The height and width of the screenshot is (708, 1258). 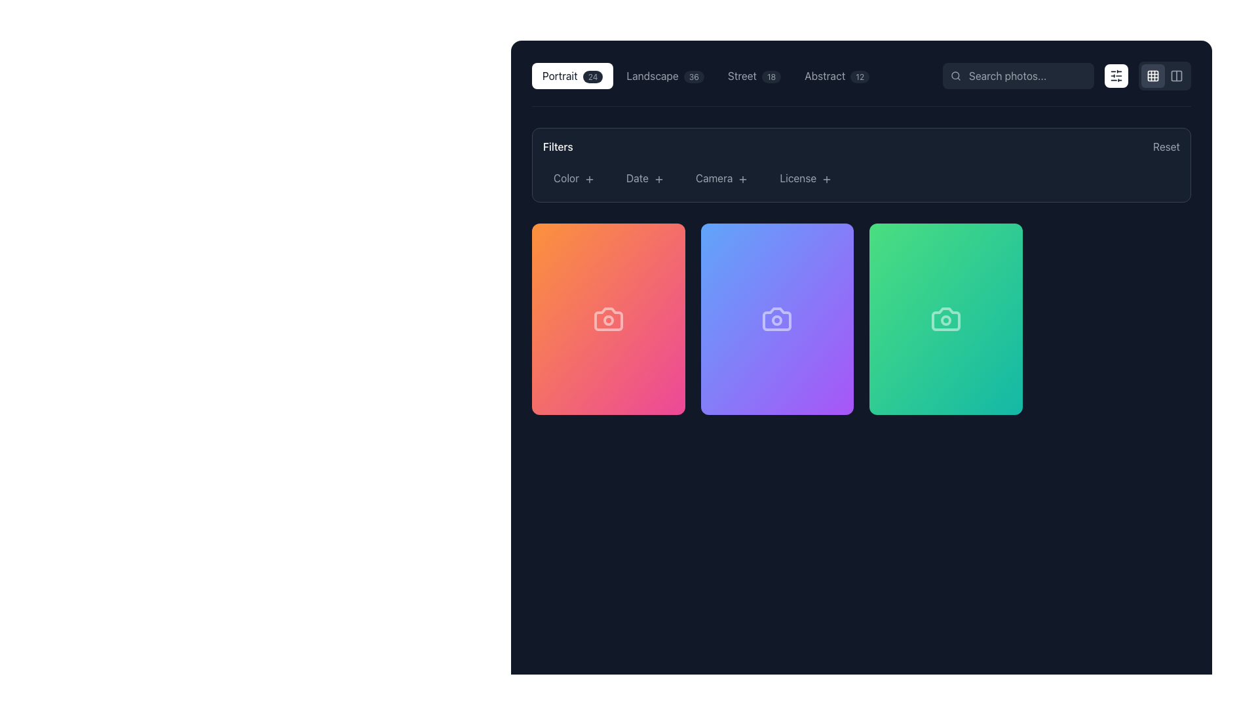 I want to click on the Icon button located immediately to the right of the 'Camera' text in the filters bar, so click(x=743, y=179).